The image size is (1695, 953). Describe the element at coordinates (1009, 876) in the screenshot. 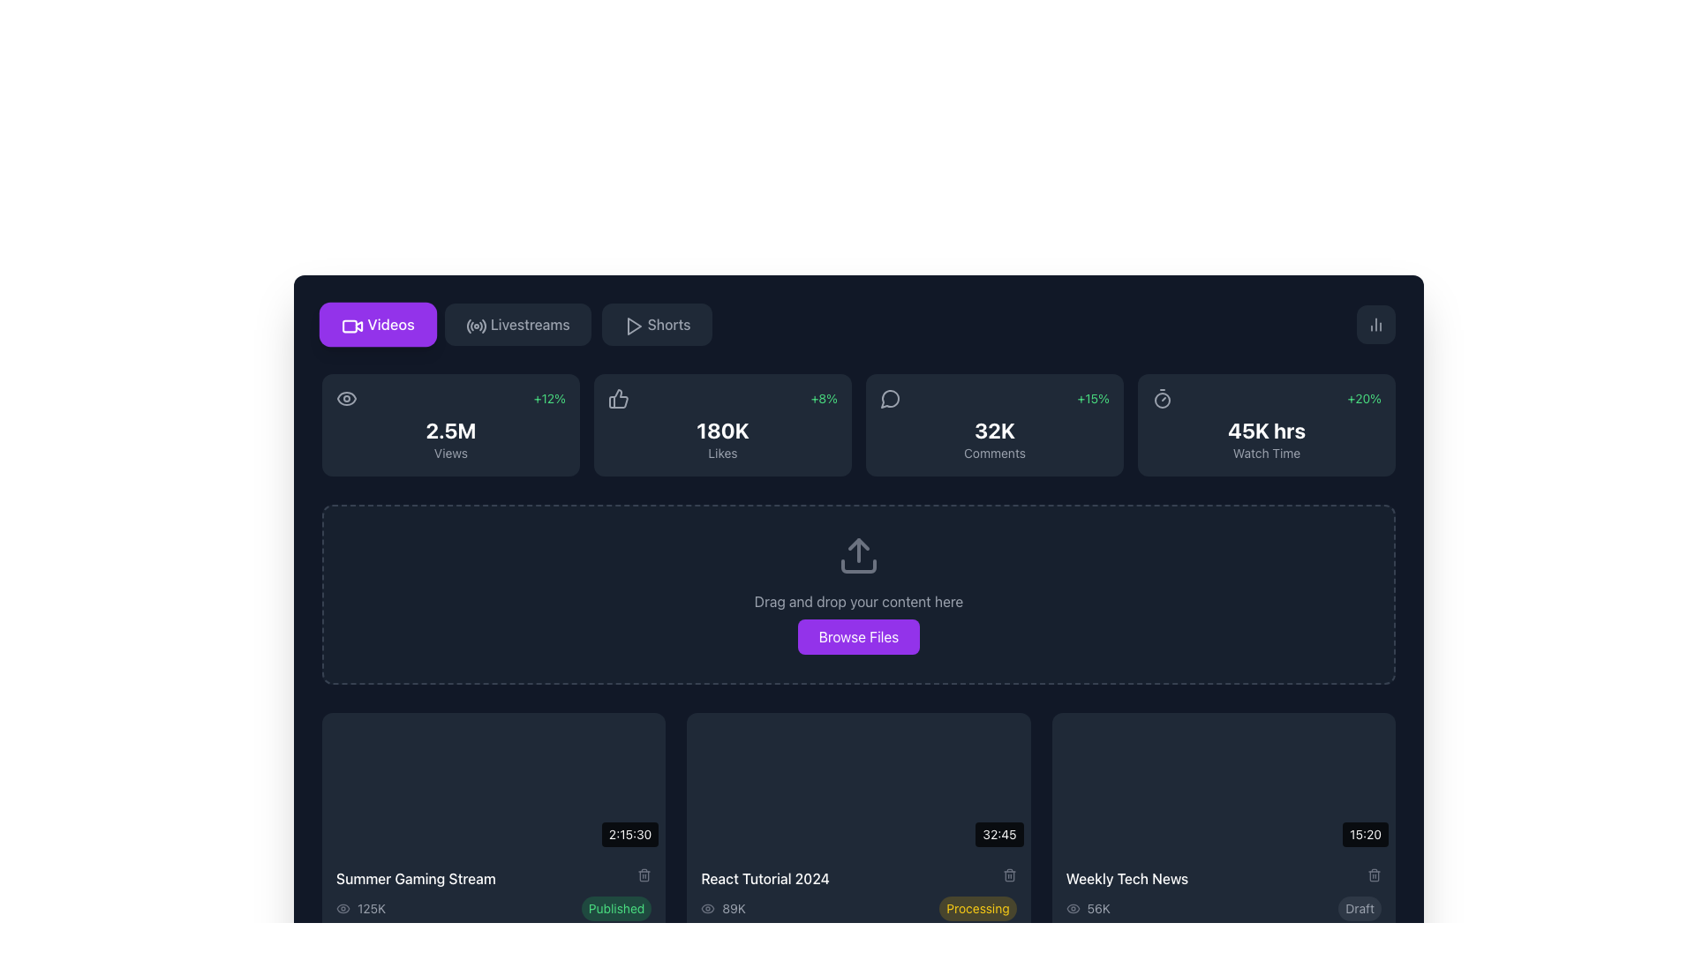

I see `the trash can's body element within the delete icon, which indicates its functionality for deletion in the user interface` at that location.